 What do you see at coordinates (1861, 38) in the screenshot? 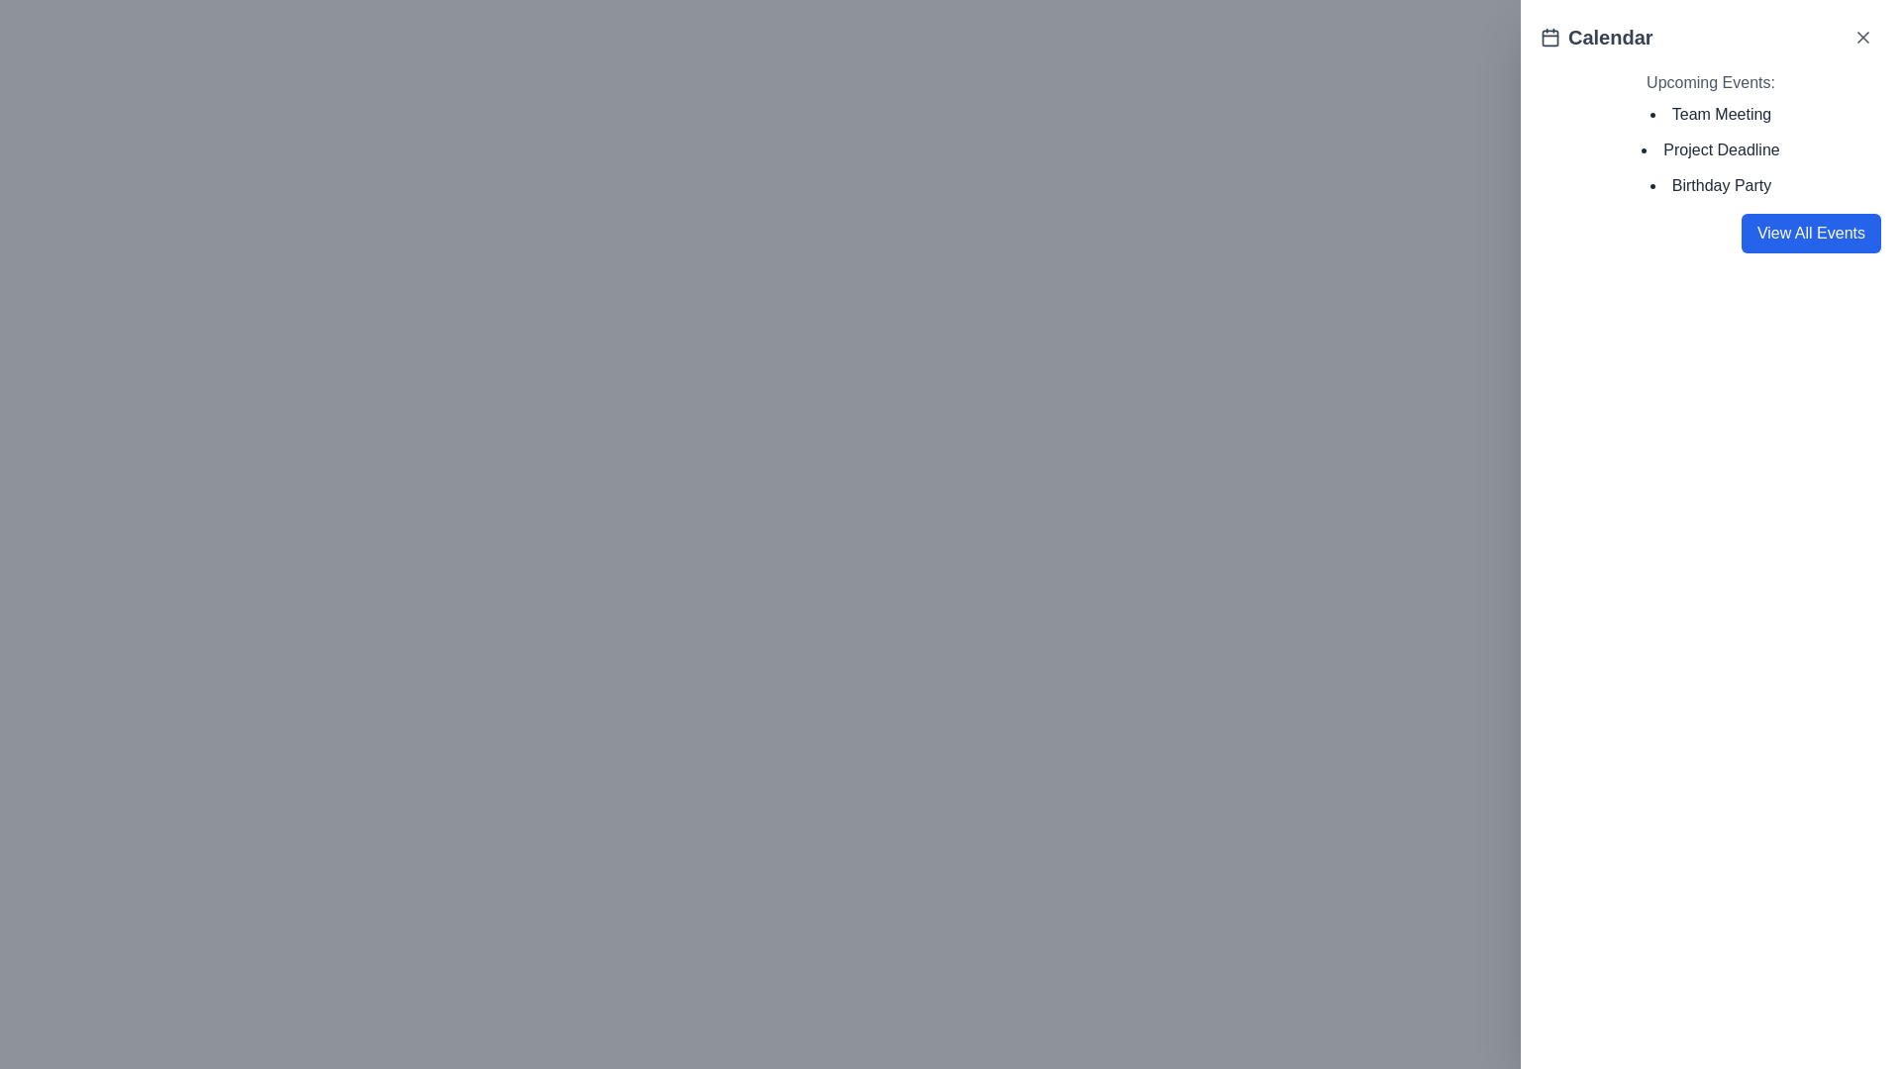
I see `the close button styled as a small square with a rounded border and an 'X' icon in the upper-right corner of the main Calendar section` at bounding box center [1861, 38].